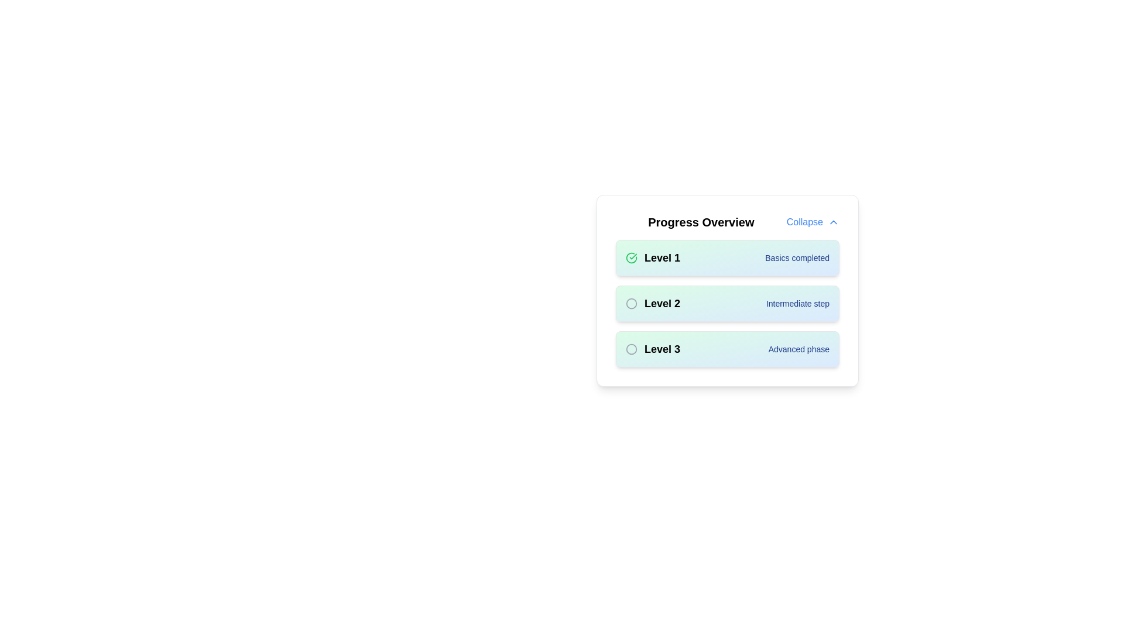 This screenshot has width=1124, height=632. What do you see at coordinates (727, 290) in the screenshot?
I see `the Progress step indicator element with a gradient background, labeled 'Level 2' and 'Intermediate step', for navigation` at bounding box center [727, 290].